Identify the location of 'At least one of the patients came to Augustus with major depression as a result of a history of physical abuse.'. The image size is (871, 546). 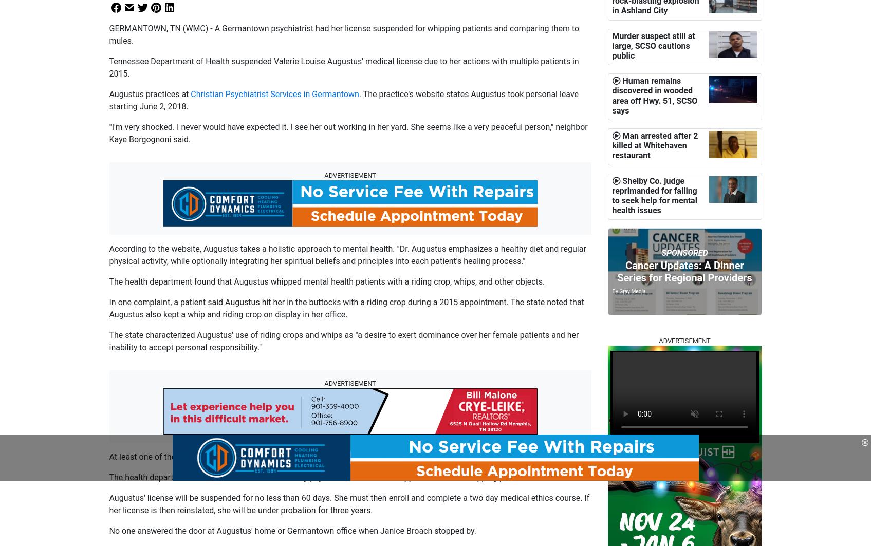
(309, 456).